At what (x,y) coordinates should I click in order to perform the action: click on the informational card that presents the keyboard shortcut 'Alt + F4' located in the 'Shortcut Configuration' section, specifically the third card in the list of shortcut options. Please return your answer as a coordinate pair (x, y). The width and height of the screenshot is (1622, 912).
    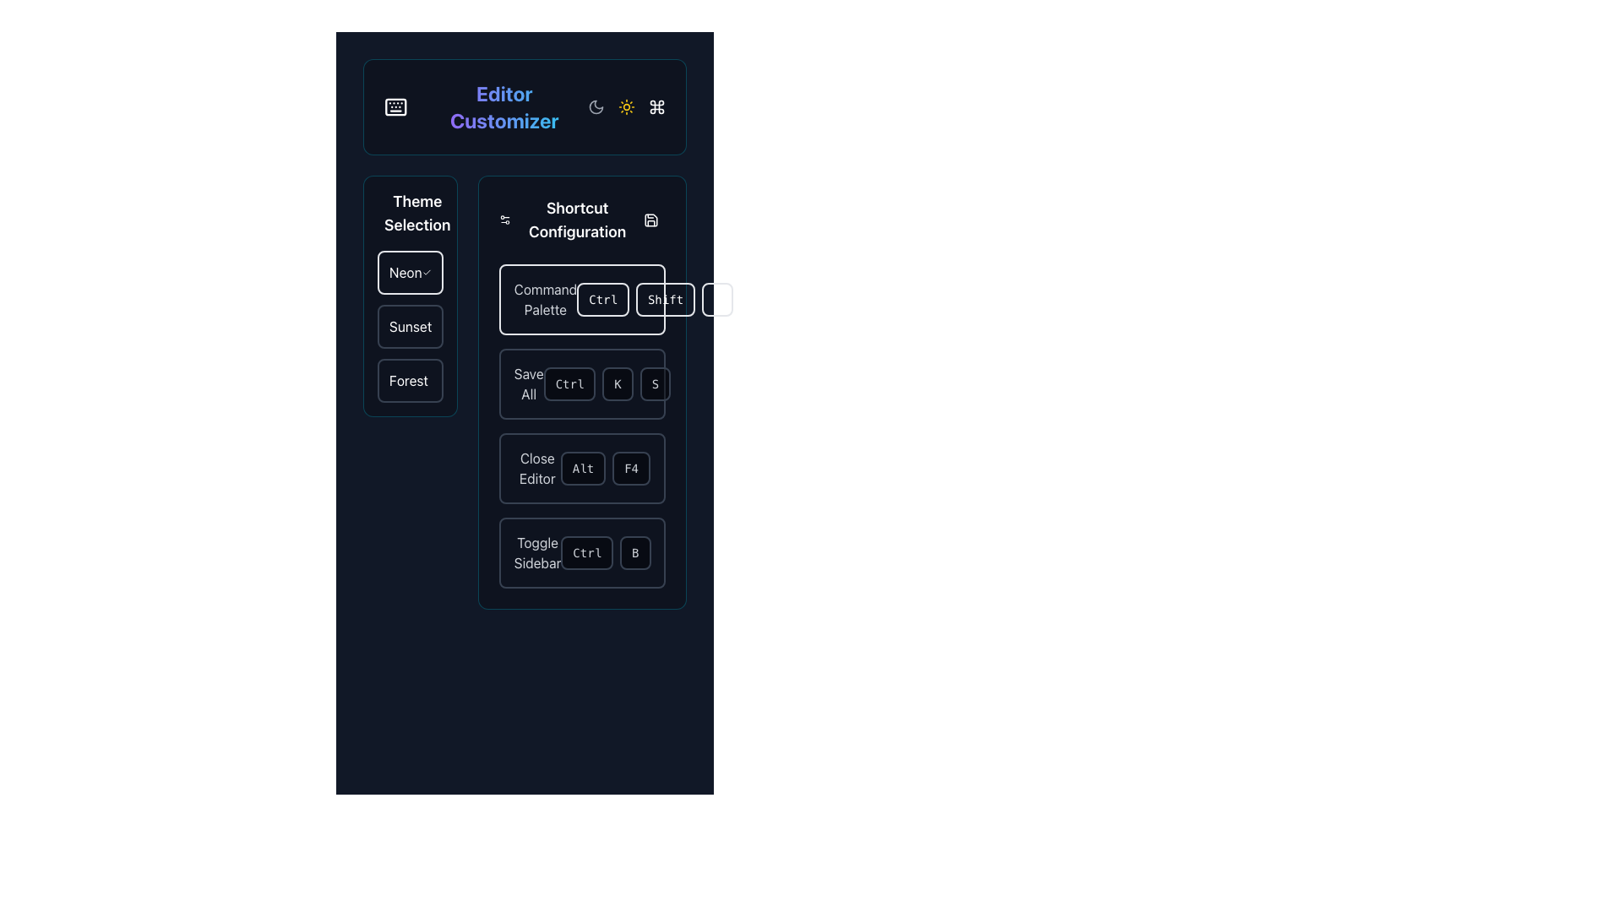
    Looking at the image, I should click on (582, 469).